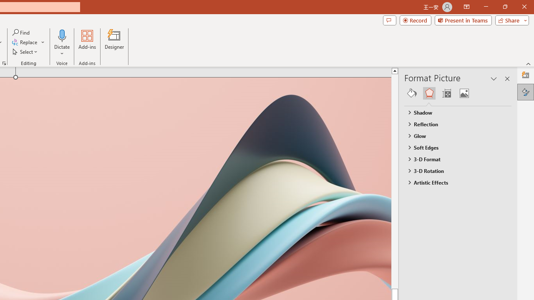 This screenshot has height=300, width=534. Describe the element at coordinates (415, 20) in the screenshot. I see `'Record'` at that location.